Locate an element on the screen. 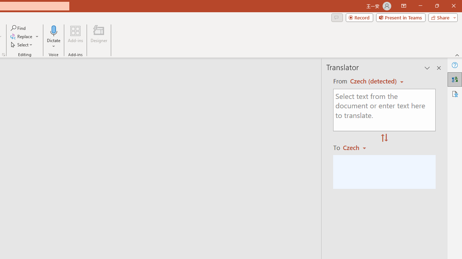 The height and width of the screenshot is (259, 462). 'More Options' is located at coordinates (53, 44).